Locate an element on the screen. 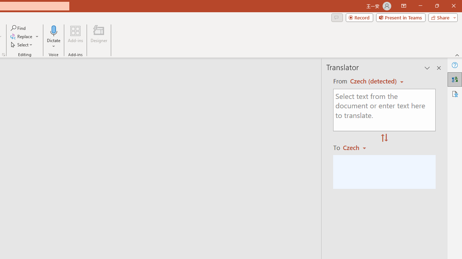 The height and width of the screenshot is (259, 462). 'More Options' is located at coordinates (53, 44).